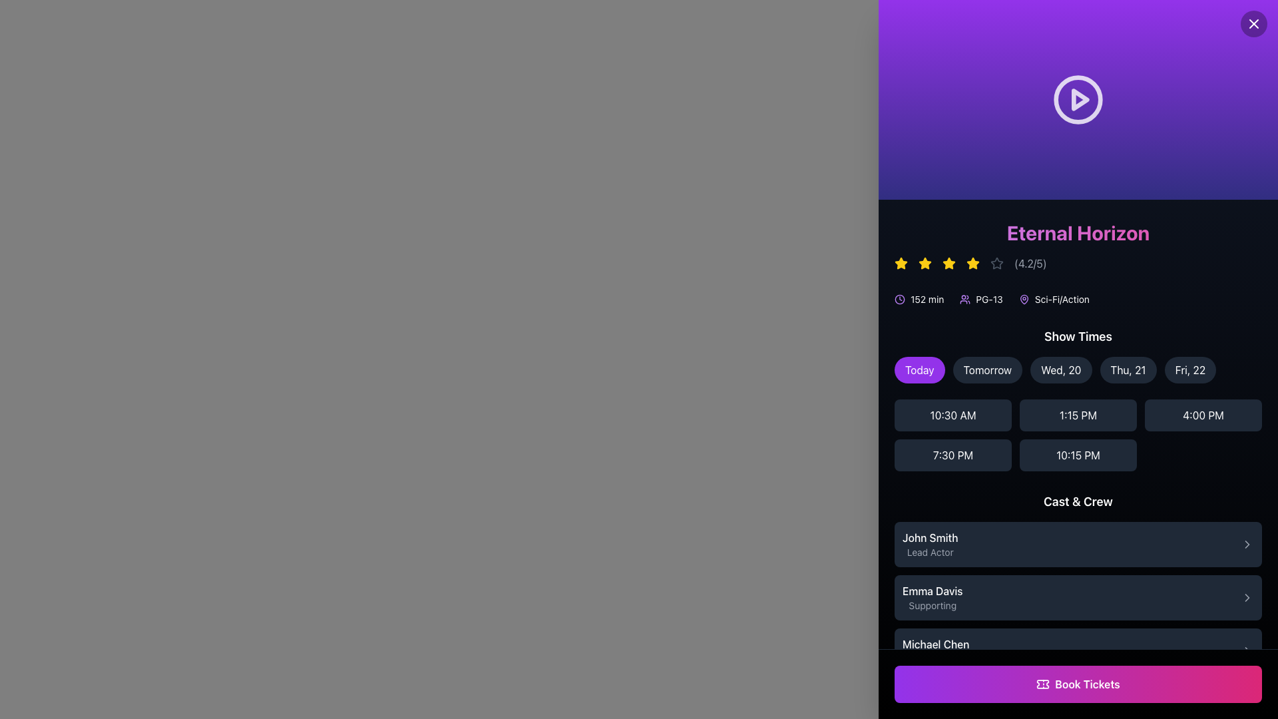  Describe the element at coordinates (1078, 246) in the screenshot. I see `the text display for the movie 'Eternal Horizon' with its average user rating, located near the top of the right panel beneath the play button icon` at that location.